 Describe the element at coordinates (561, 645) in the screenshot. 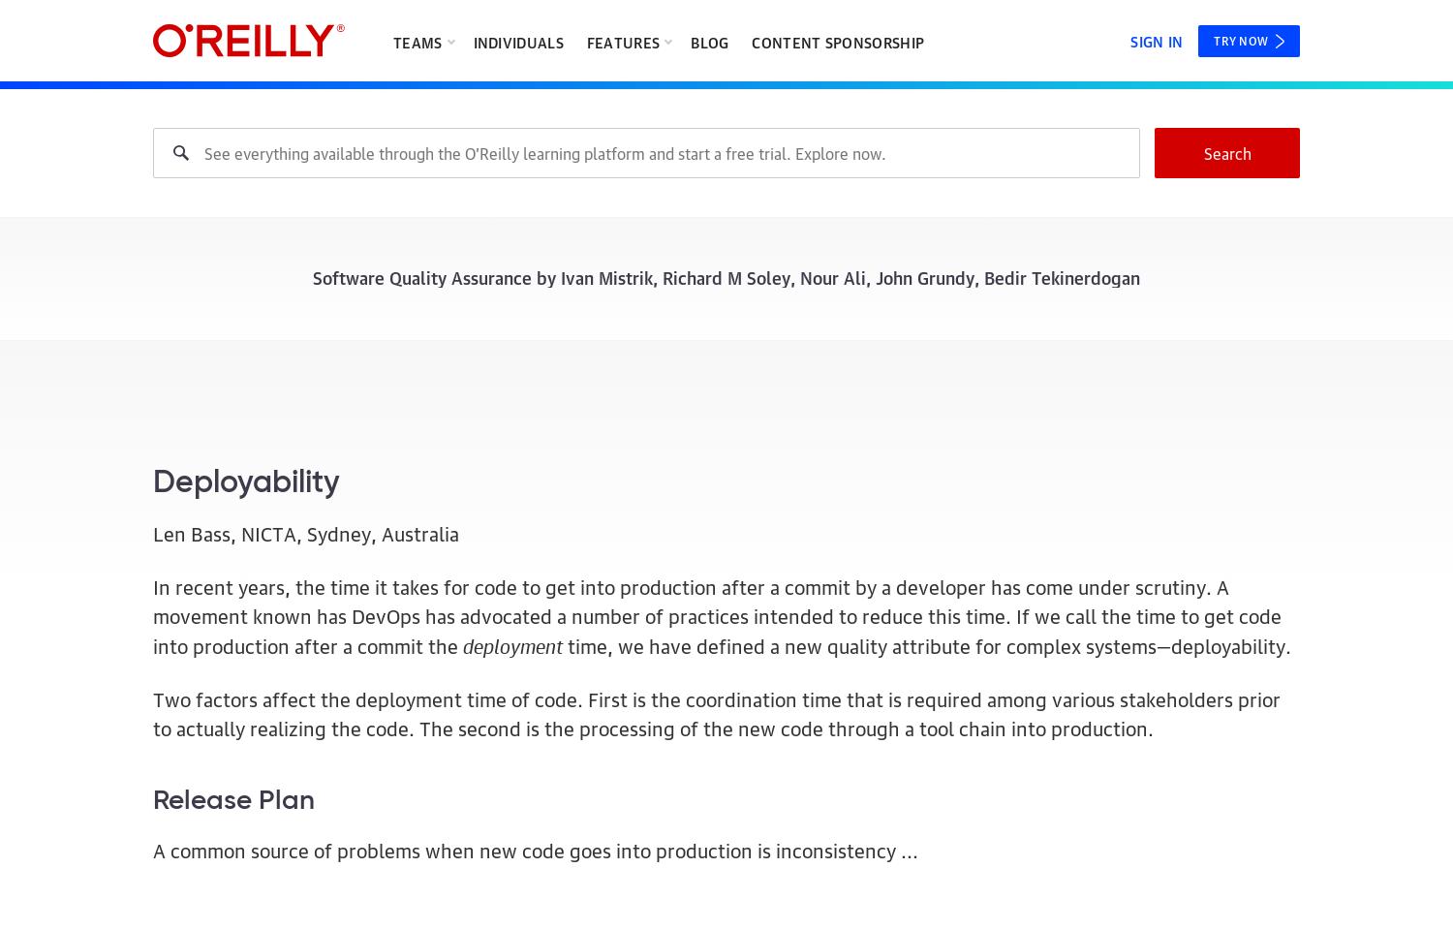

I see `'time, we have defined a new quality attribute for complex systems—deployability.'` at that location.